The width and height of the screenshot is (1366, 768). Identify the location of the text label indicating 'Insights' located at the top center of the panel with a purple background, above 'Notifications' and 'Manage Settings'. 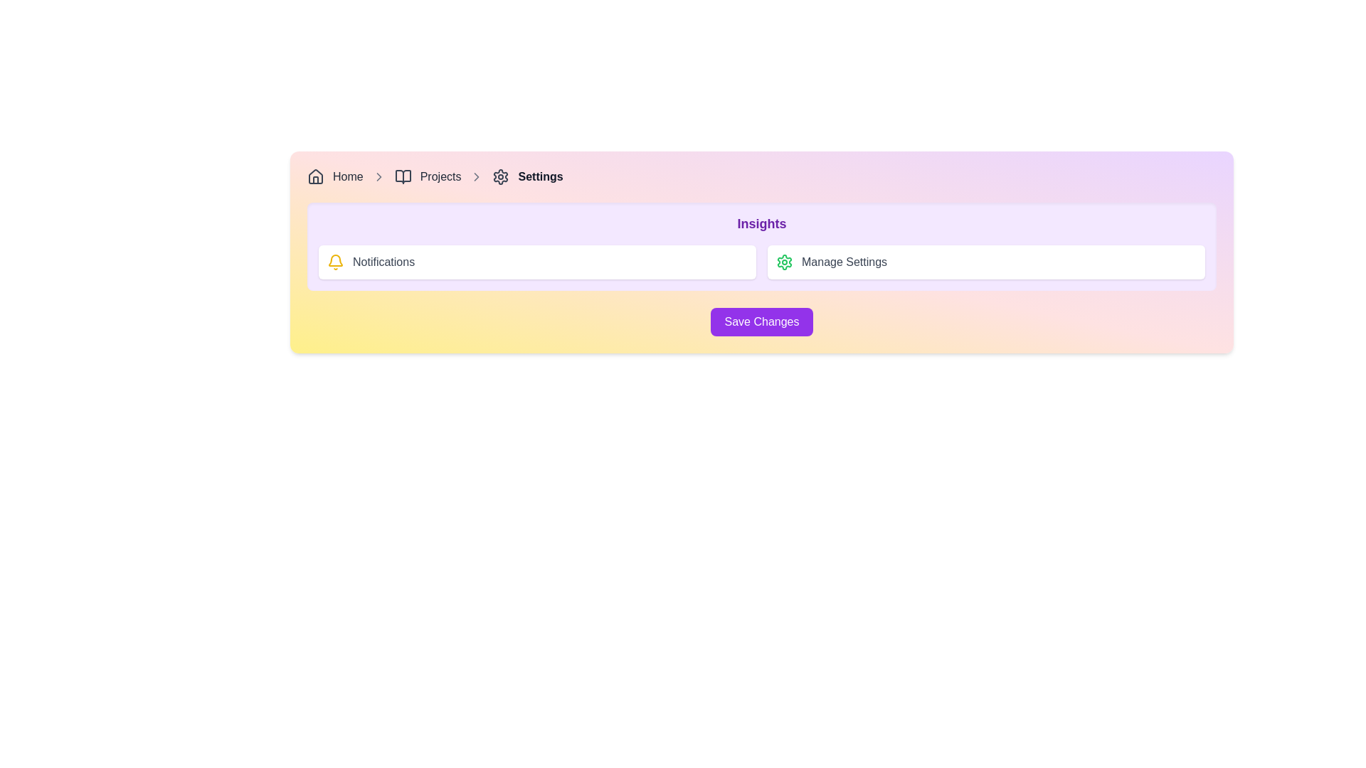
(761, 224).